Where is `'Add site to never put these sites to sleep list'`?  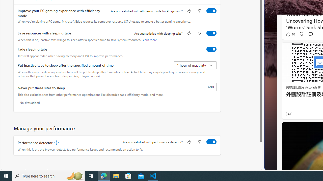
'Add site to never put these sites to sleep list' is located at coordinates (210, 86).